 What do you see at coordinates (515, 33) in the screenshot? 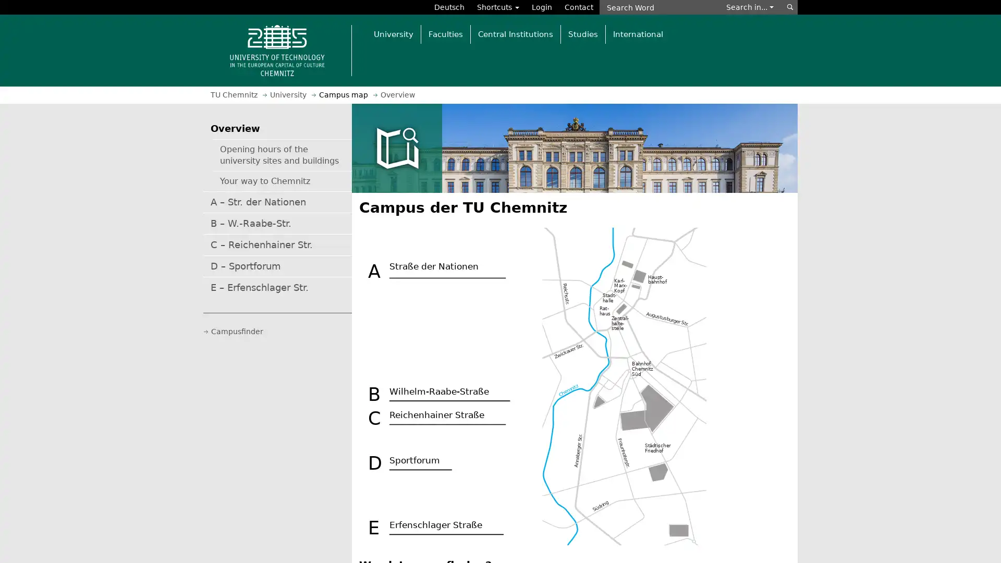
I see `Central Institutions` at bounding box center [515, 33].